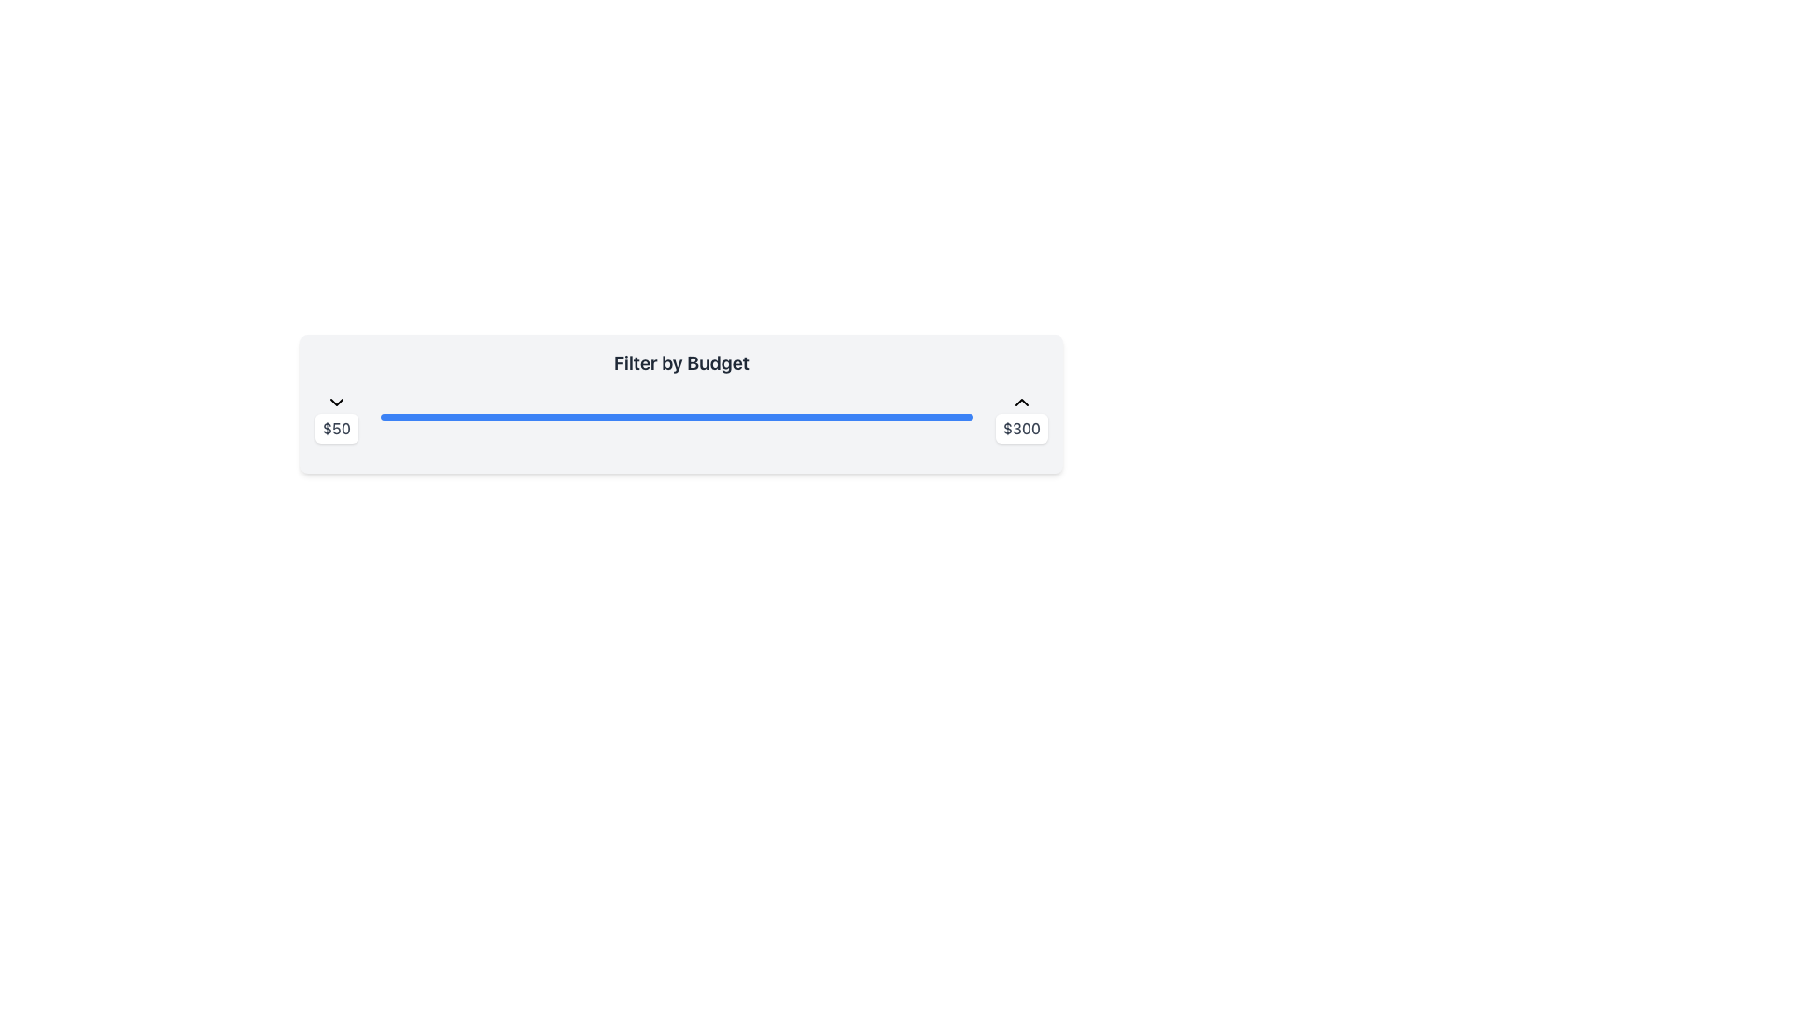  Describe the element at coordinates (337, 401) in the screenshot. I see `the downward-pointing chevron button located above the '$50' text label in the 'Filter by Budget' section` at that location.